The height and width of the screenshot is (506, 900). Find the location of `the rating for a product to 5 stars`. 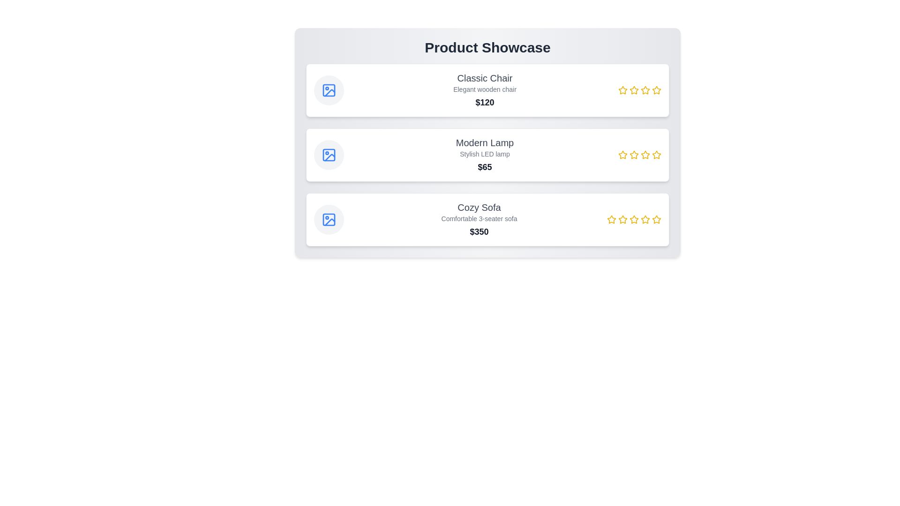

the rating for a product to 5 stars is located at coordinates (667, 90).